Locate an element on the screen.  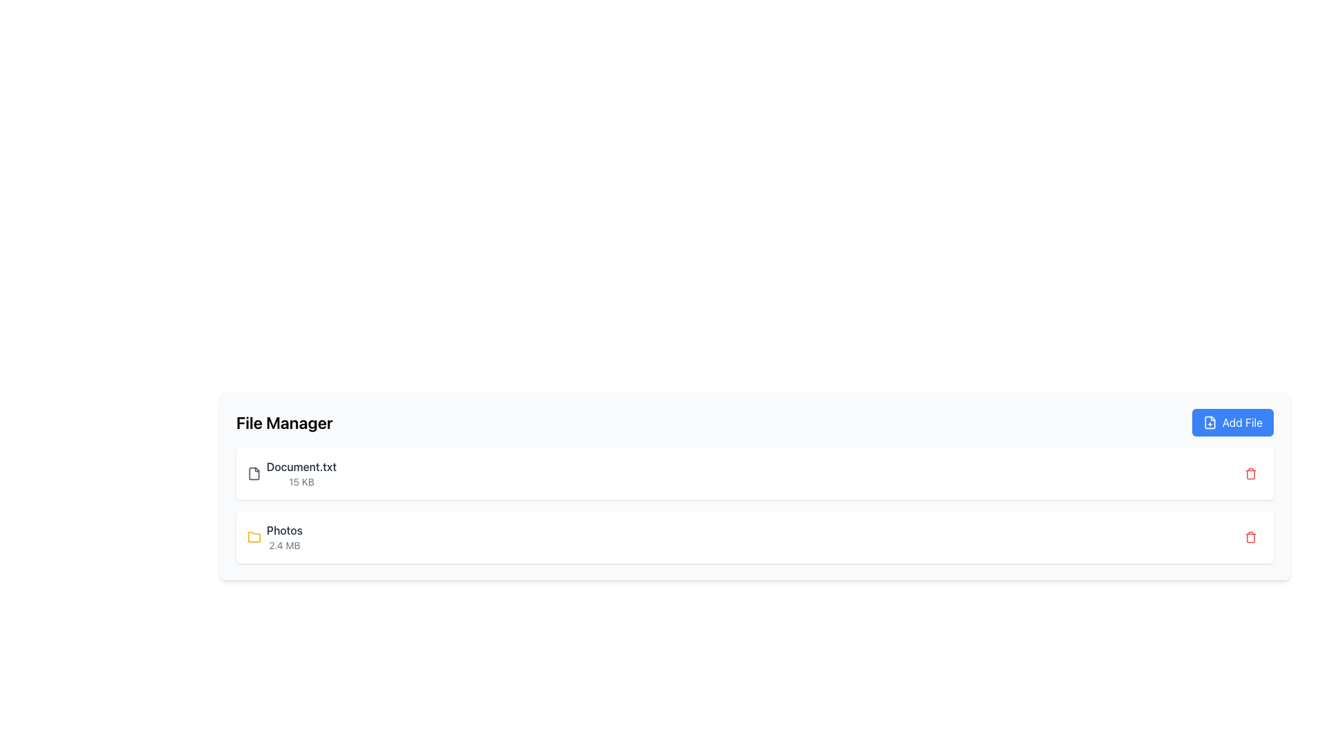
the delete button located at the far right of the row for the Photos folder, adjacent to the folder size text is located at coordinates (1250, 537).